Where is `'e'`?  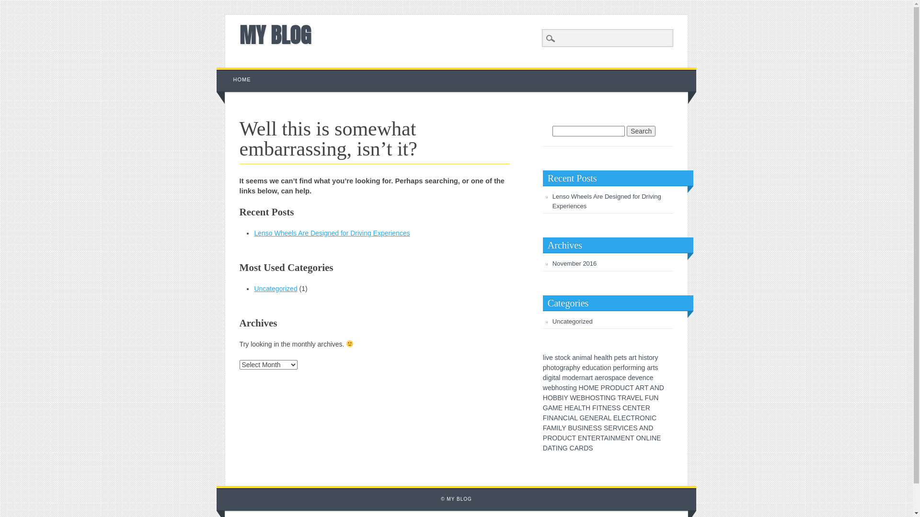
'e' is located at coordinates (622, 377).